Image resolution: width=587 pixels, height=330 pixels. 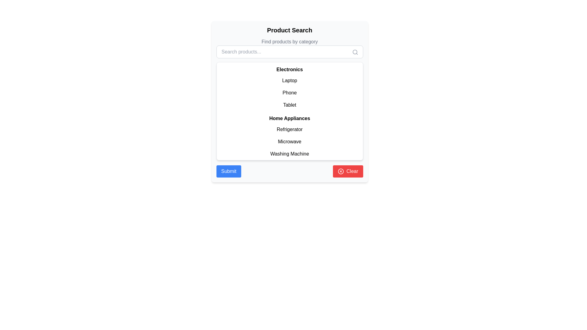 I want to click on the Circle element, which serves as a decorative or informative component within the icon, located near the top right corner of the application interface adjacent to the 'Clear' button, so click(x=341, y=171).